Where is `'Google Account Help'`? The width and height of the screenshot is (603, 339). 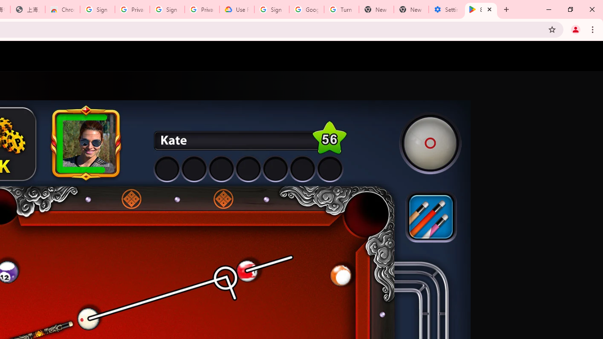
'Google Account Help' is located at coordinates (307, 9).